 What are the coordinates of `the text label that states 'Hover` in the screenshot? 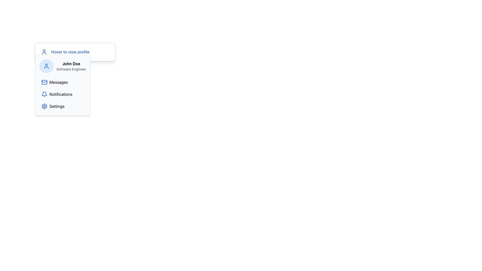 It's located at (70, 52).